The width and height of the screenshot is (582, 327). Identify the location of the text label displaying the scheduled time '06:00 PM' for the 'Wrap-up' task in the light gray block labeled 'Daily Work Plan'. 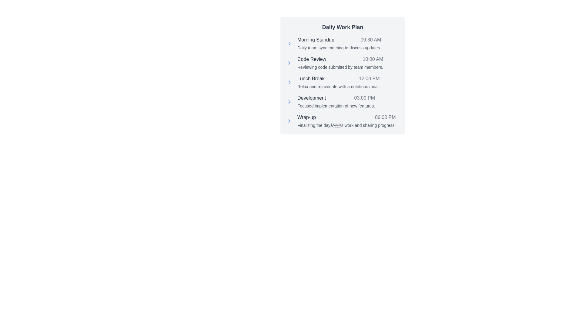
(385, 117).